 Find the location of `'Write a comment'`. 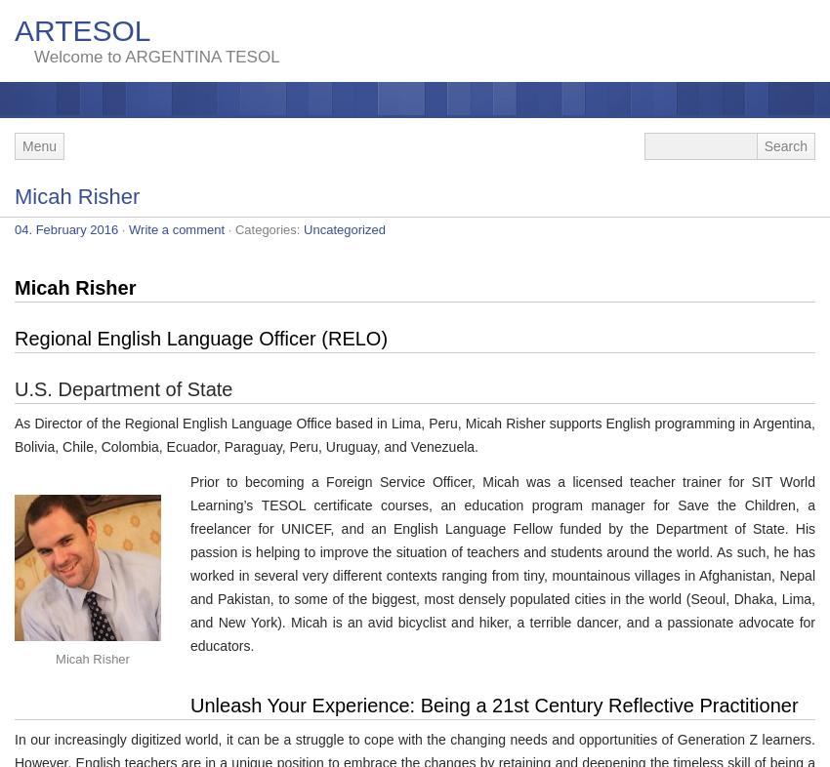

'Write a comment' is located at coordinates (175, 229).